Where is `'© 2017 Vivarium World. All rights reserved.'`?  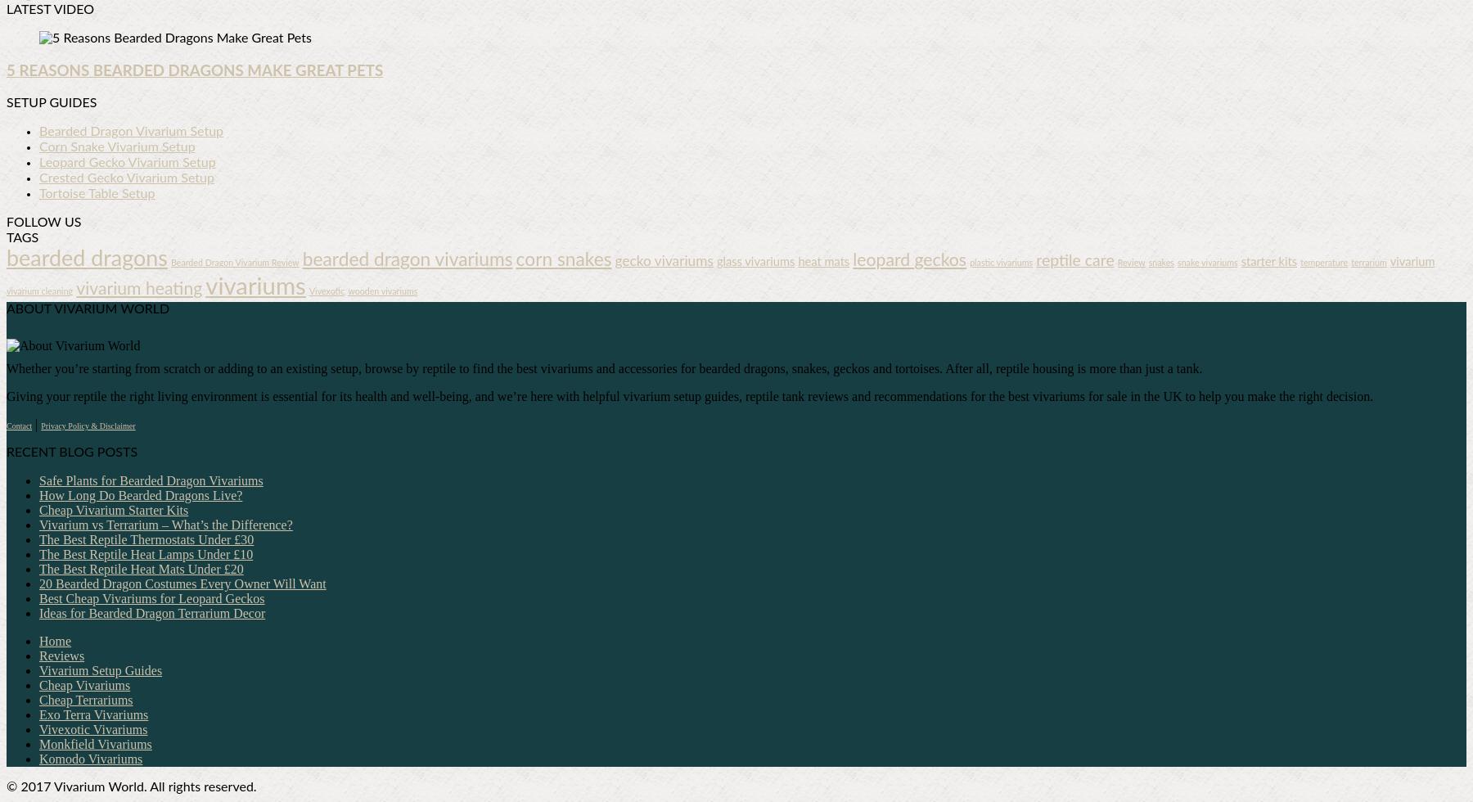 '© 2017 Vivarium World. All rights reserved.' is located at coordinates (131, 786).